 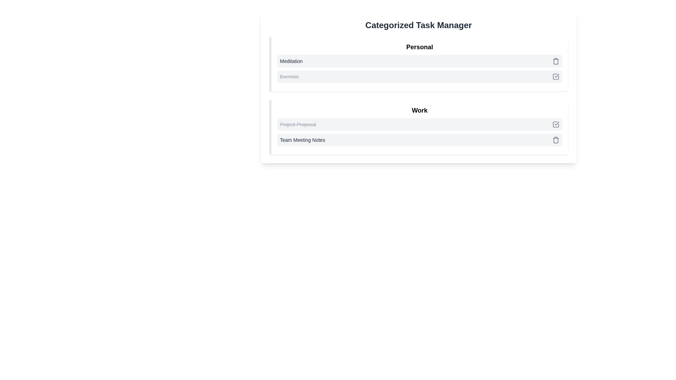 What do you see at coordinates (289, 77) in the screenshot?
I see `the text label representing the completed task 'Exercise' in the personal category, which is styled with a strikethrough to indicate its completed status` at bounding box center [289, 77].